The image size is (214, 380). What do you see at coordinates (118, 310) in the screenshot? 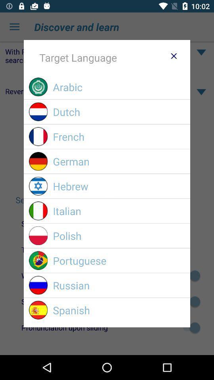
I see `the spanish` at bounding box center [118, 310].